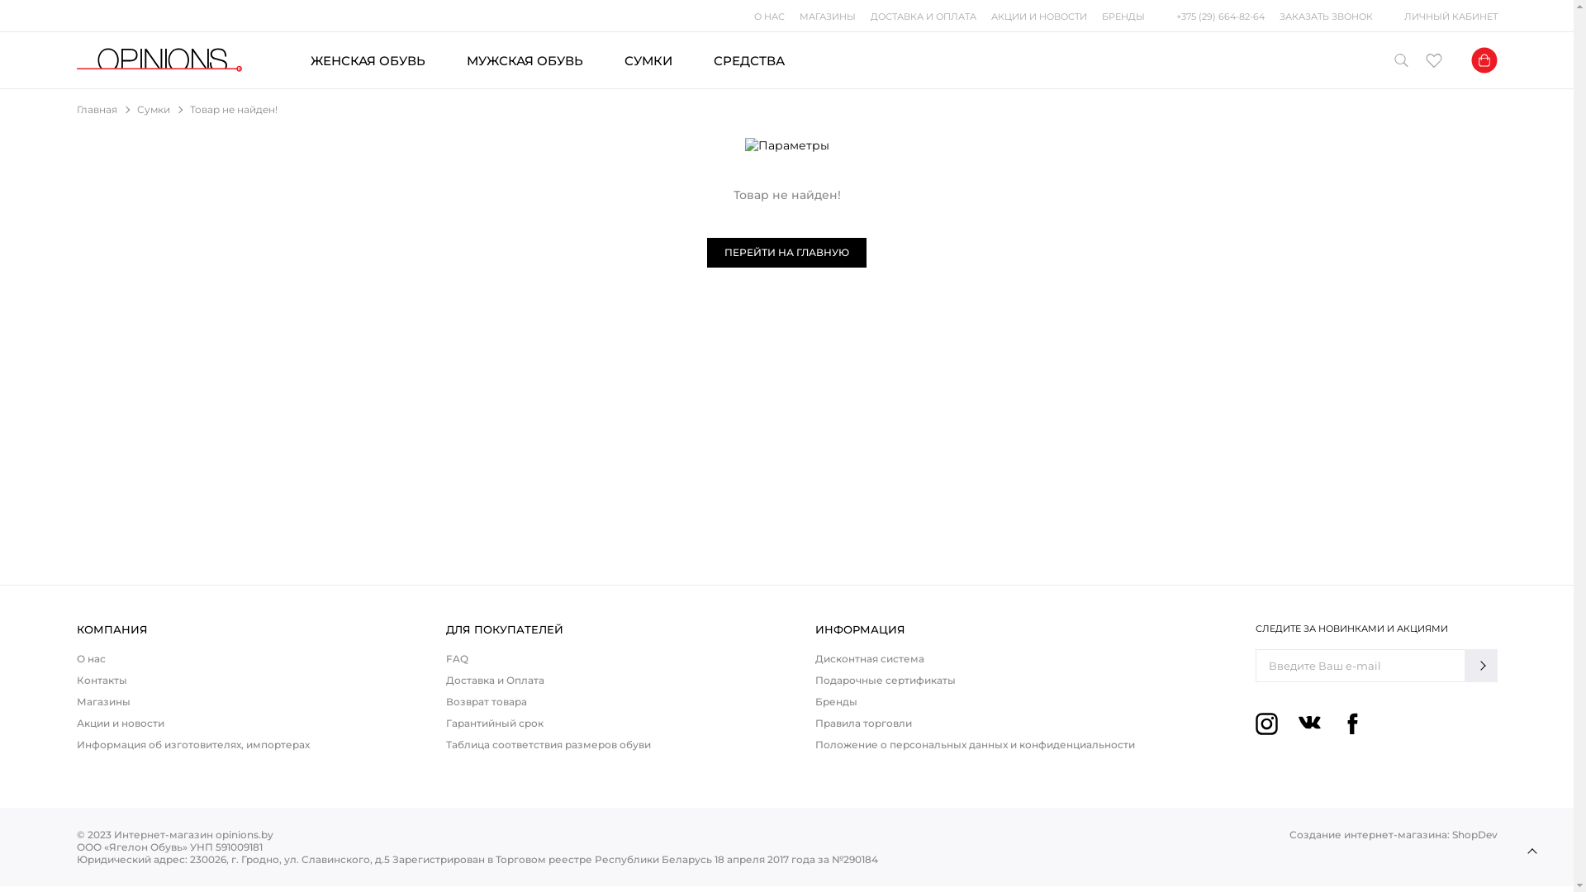 This screenshot has height=892, width=1586. What do you see at coordinates (159, 59) in the screenshot?
I see `'opinions.by'` at bounding box center [159, 59].